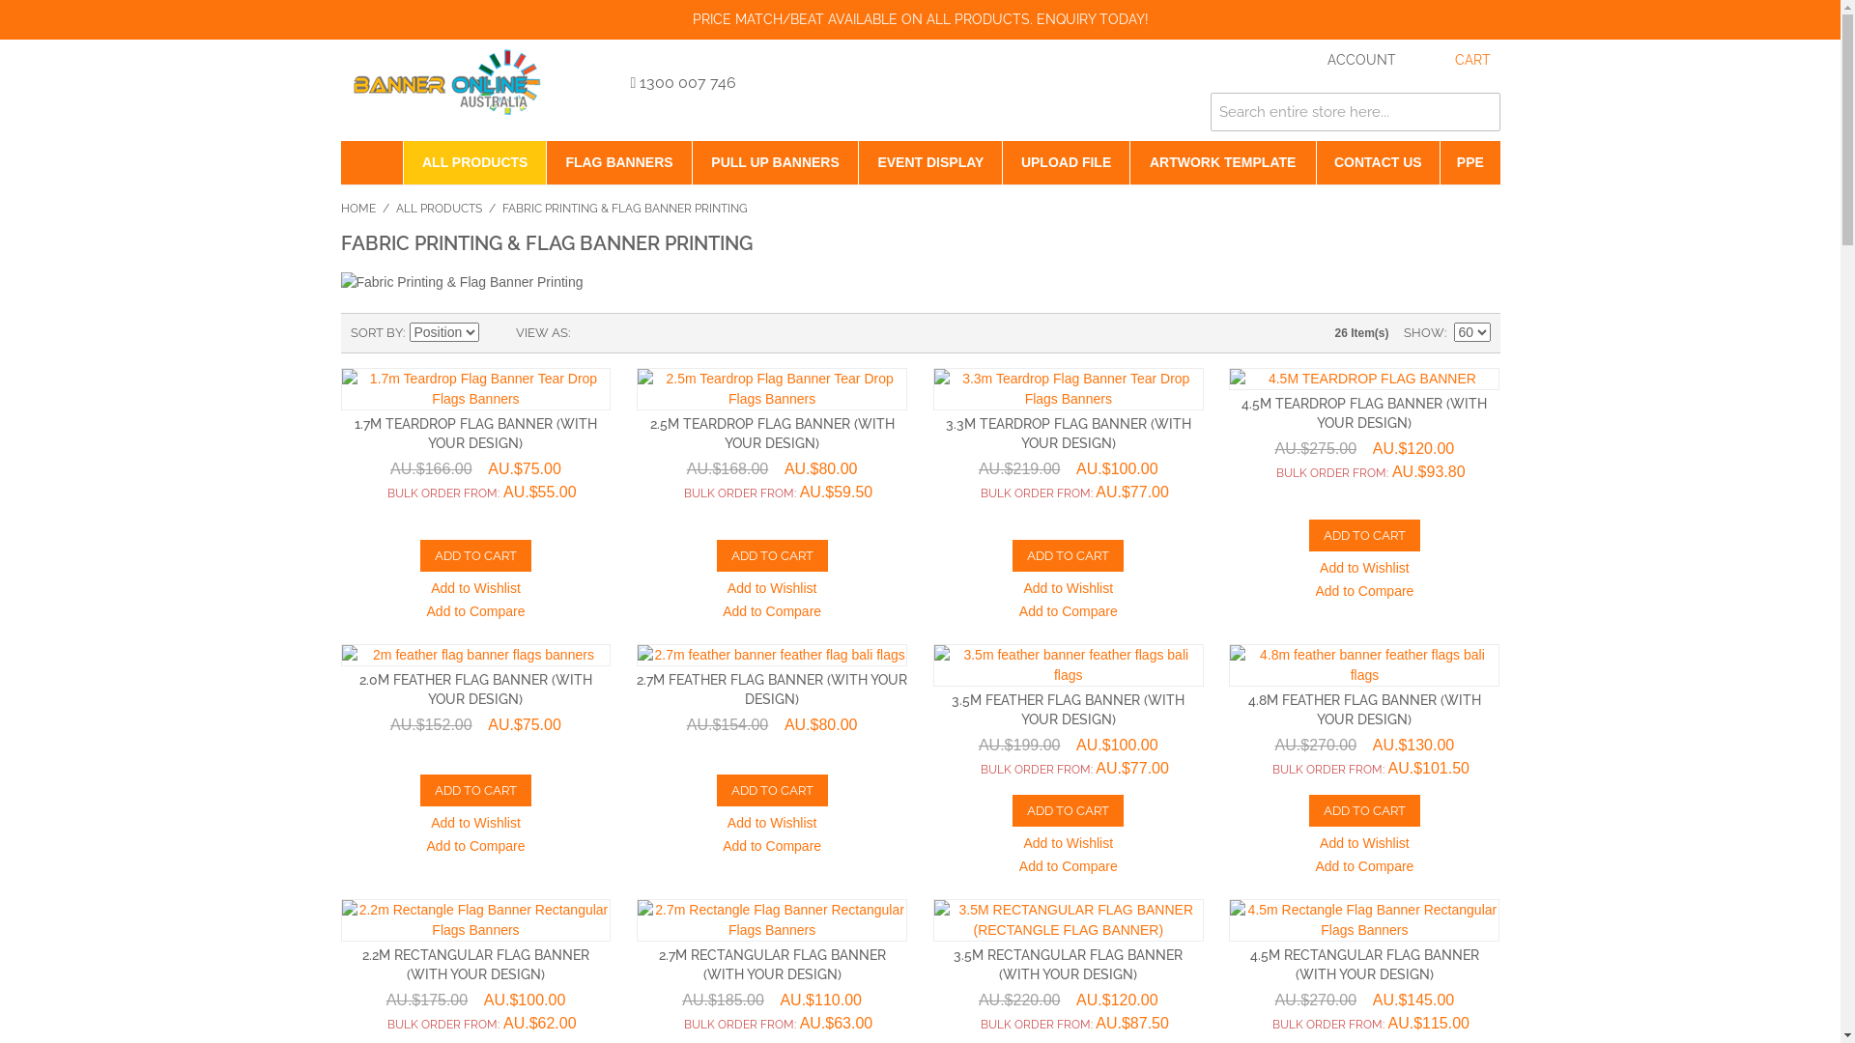 This screenshot has height=1043, width=1855. Describe the element at coordinates (770, 654) in the screenshot. I see `'2.7m feather banner feather flag bali flags'` at that location.